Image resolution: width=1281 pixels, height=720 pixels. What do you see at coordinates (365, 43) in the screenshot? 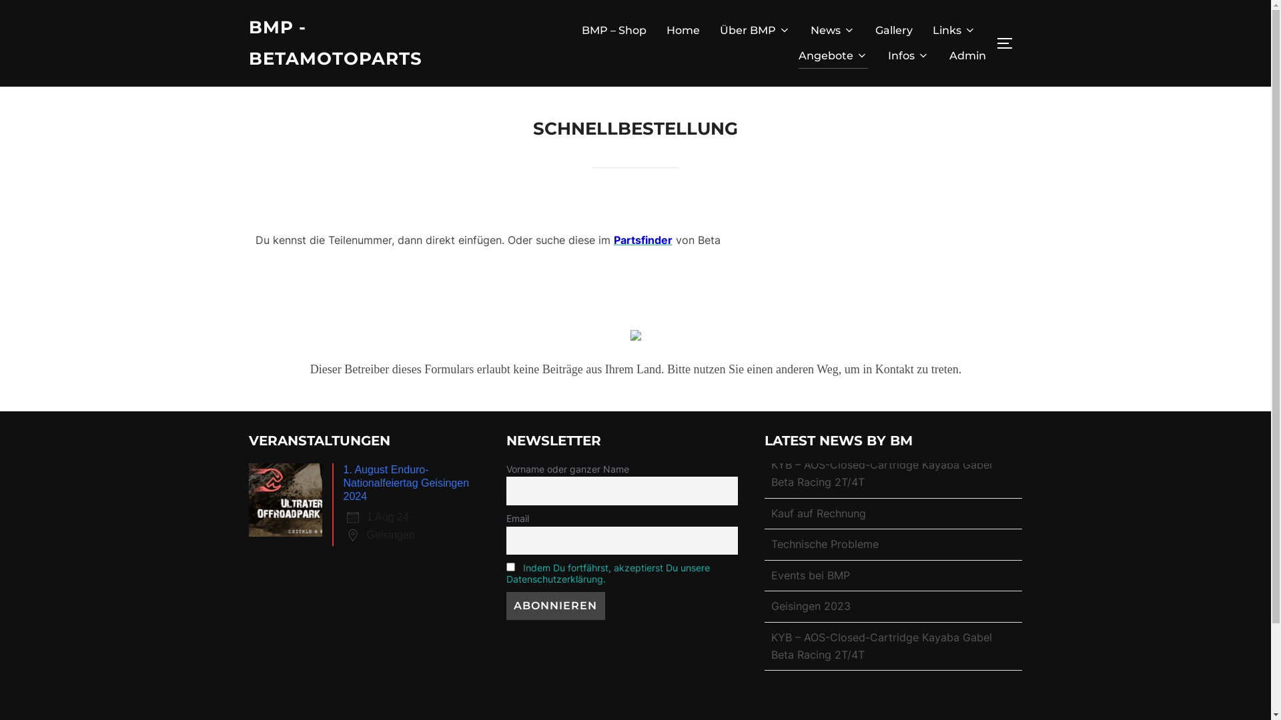
I see `'BMP - BETAMOTOPARTS'` at bounding box center [365, 43].